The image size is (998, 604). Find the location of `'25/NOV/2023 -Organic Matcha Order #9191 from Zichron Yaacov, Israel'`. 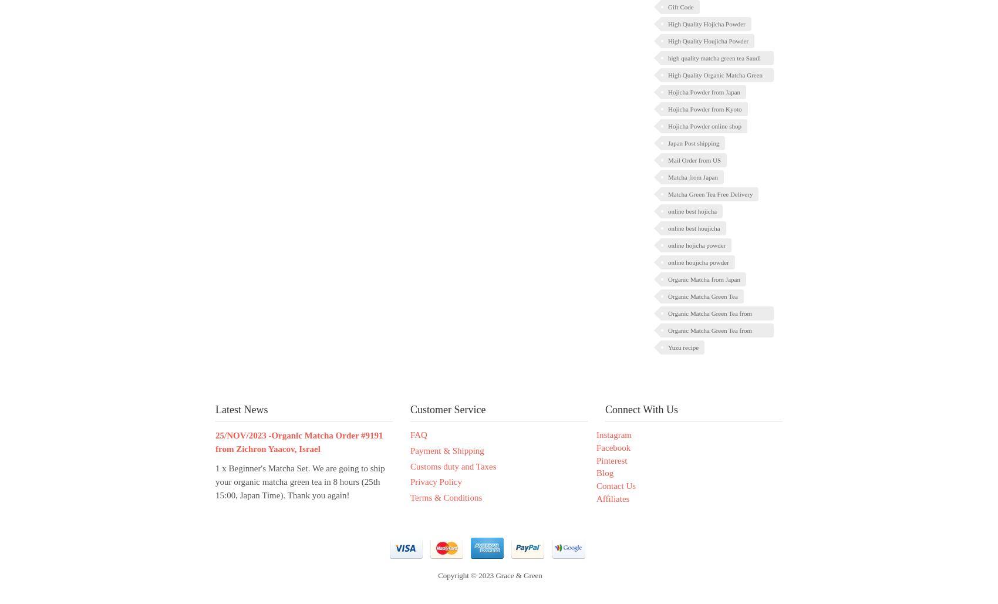

'25/NOV/2023 -Organic Matcha Order #9191 from Zichron Yaacov, Israel' is located at coordinates (215, 442).